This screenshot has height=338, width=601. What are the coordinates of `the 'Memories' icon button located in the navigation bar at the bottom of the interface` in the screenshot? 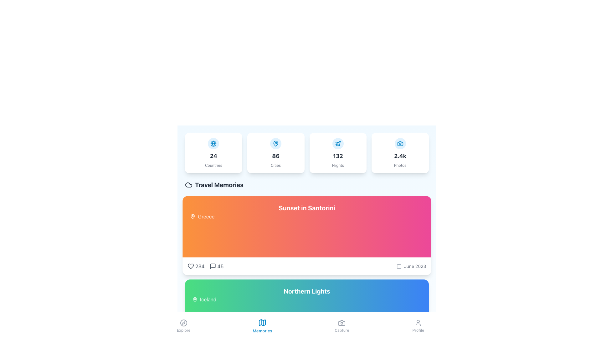 It's located at (262, 322).